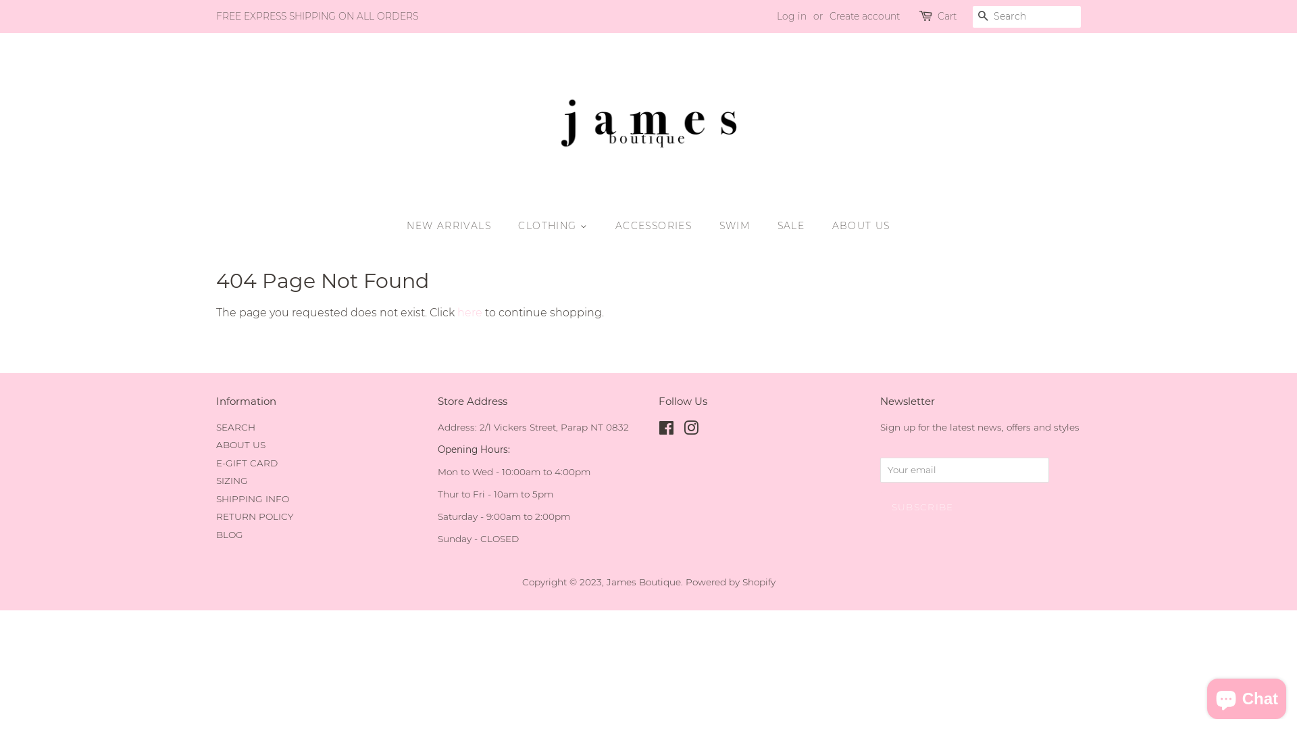 The image size is (1297, 730). What do you see at coordinates (247, 462) in the screenshot?
I see `'E-GIFT CARD'` at bounding box center [247, 462].